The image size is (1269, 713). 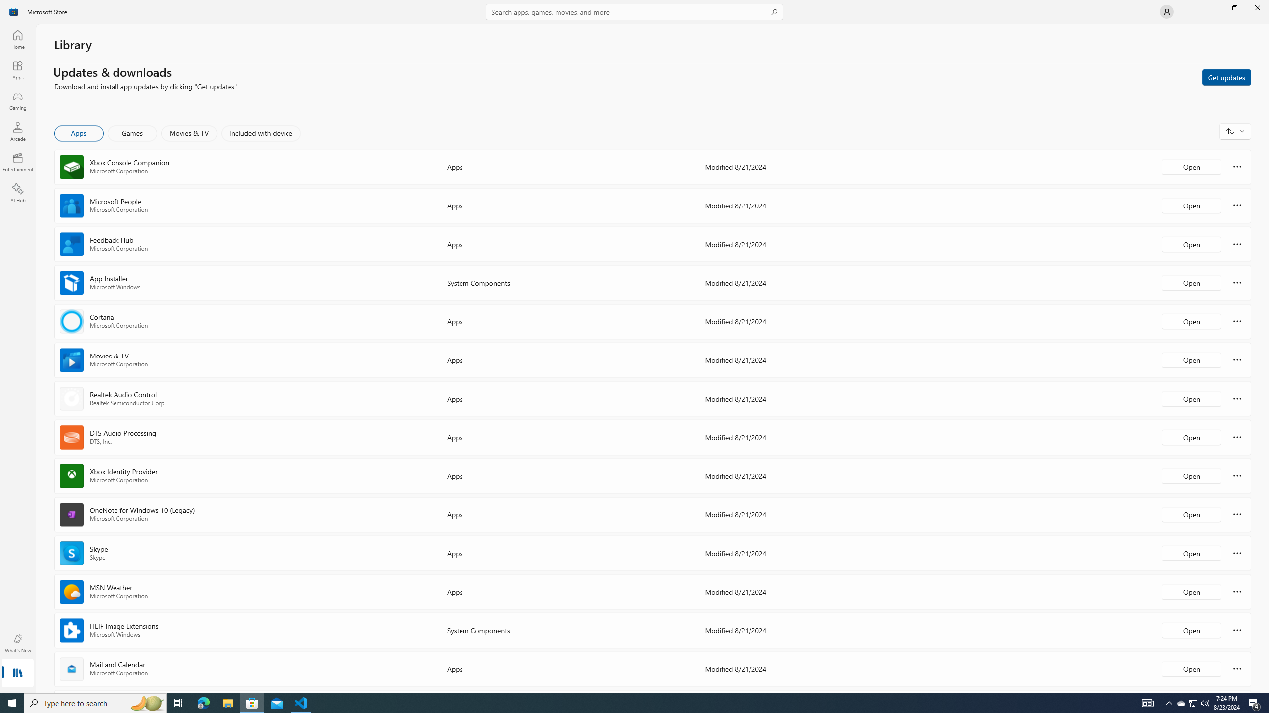 What do you see at coordinates (132, 133) in the screenshot?
I see `'Games'` at bounding box center [132, 133].